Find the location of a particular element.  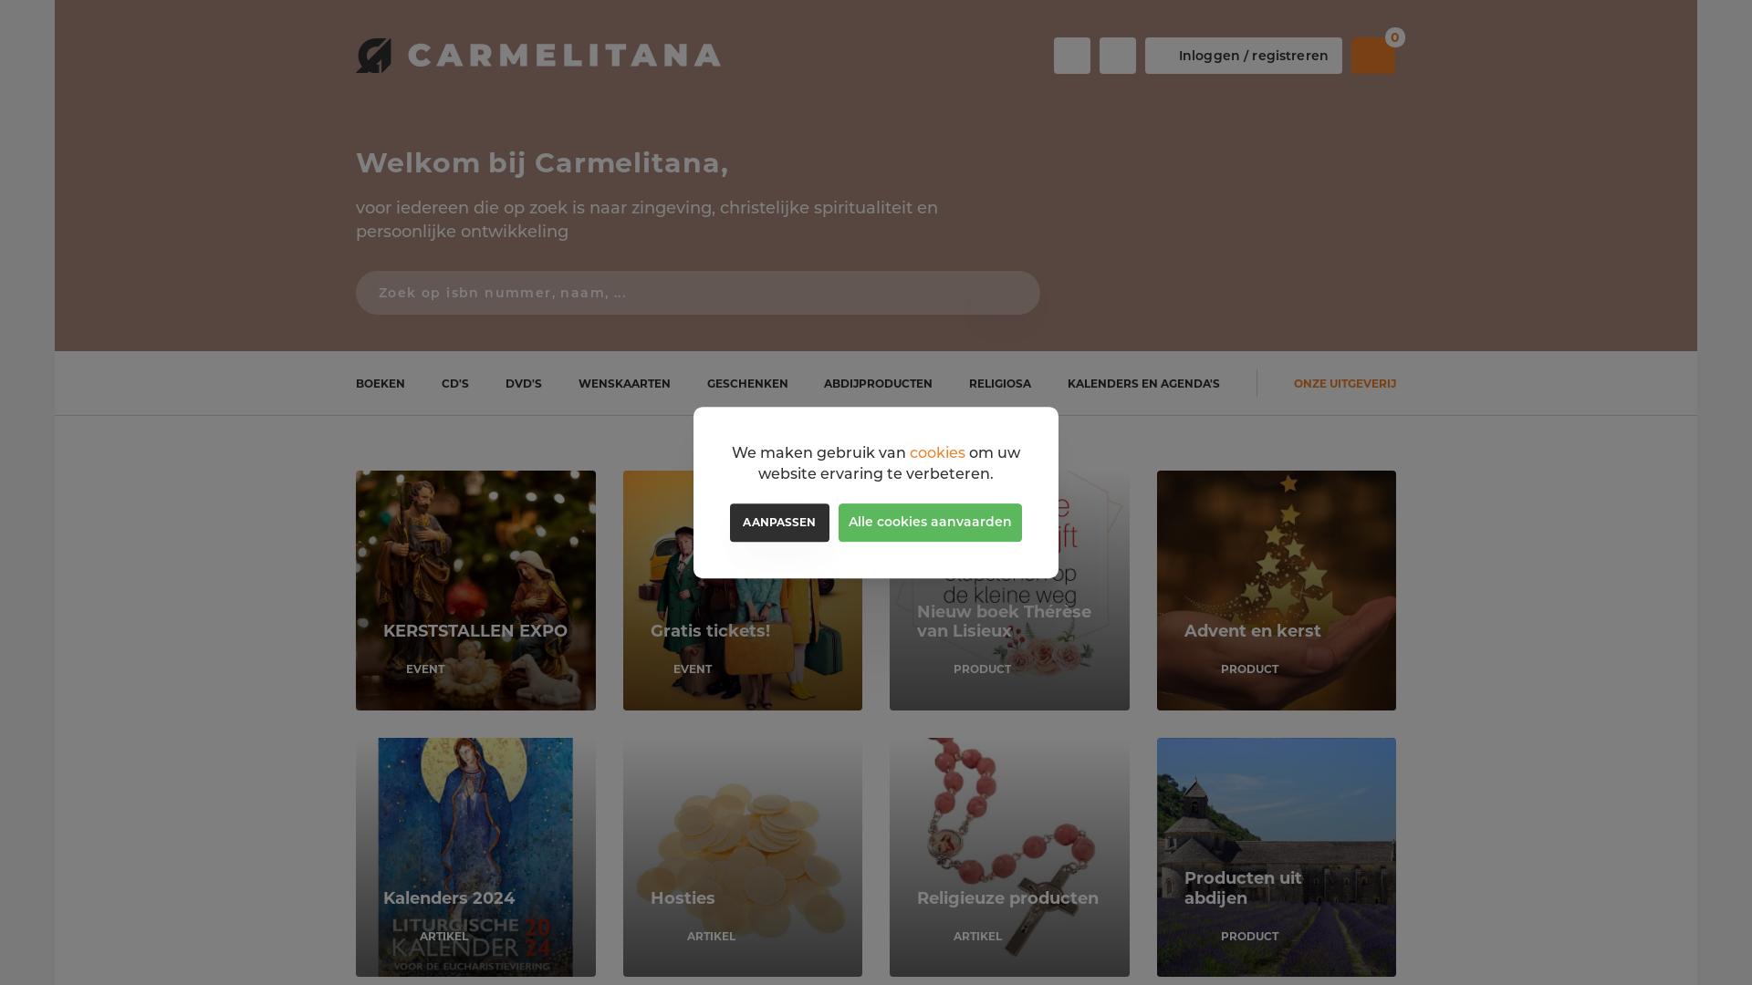

'Volg Carmelitana op Facebook!' is located at coordinates (1072, 55).